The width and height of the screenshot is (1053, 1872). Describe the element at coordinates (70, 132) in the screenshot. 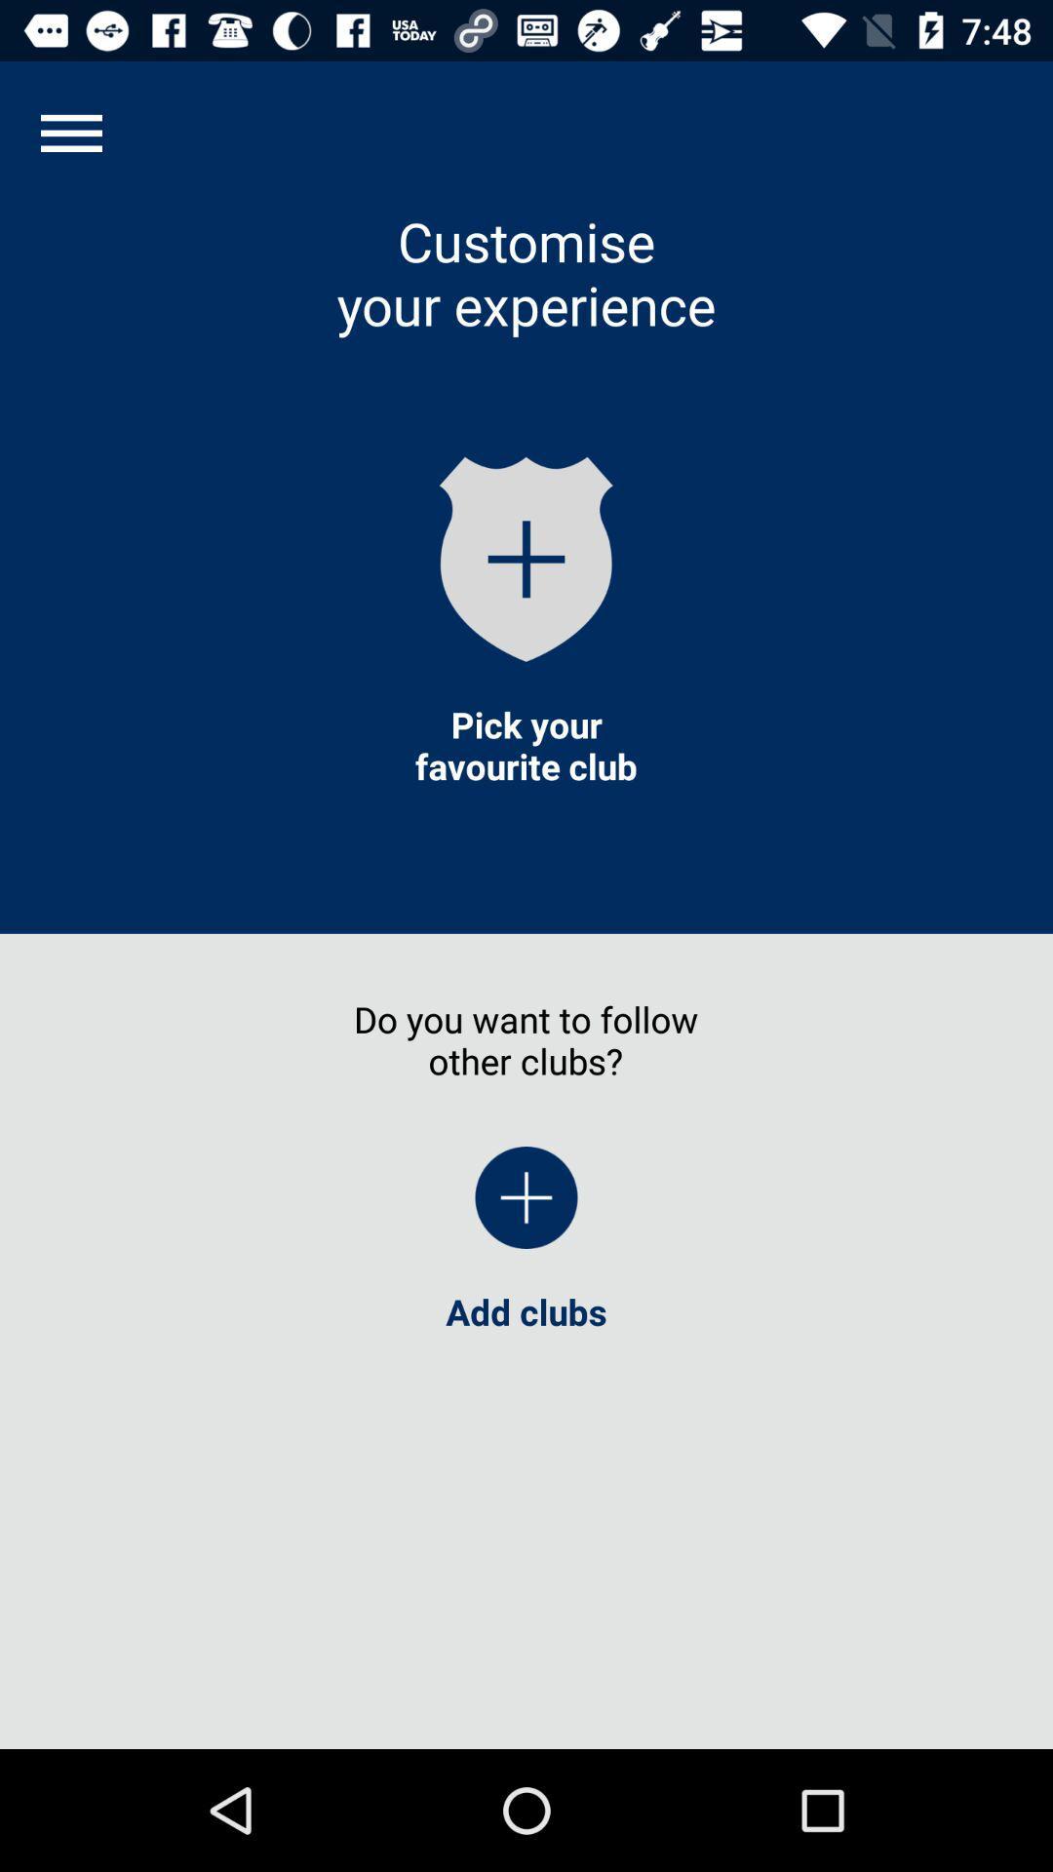

I see `the icon at the top left corner` at that location.